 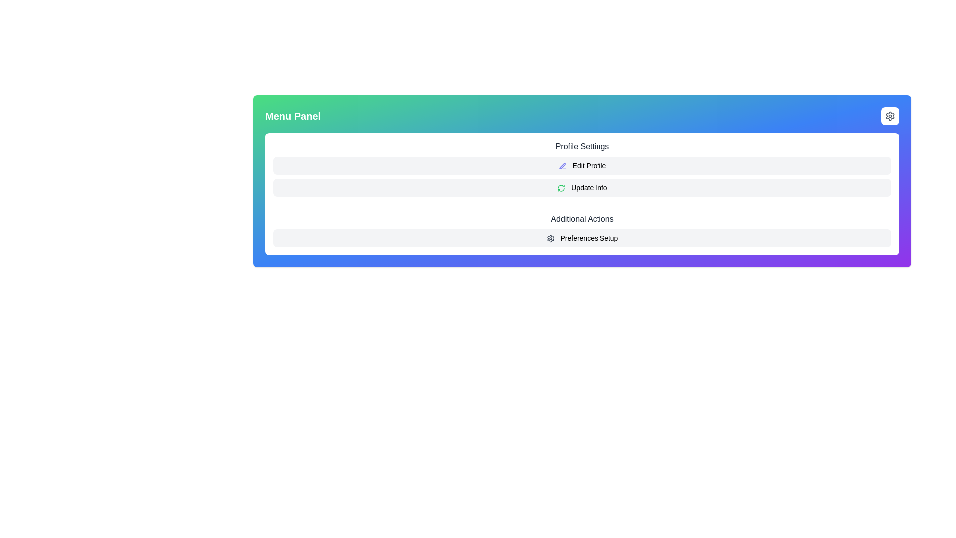 What do you see at coordinates (582, 238) in the screenshot?
I see `the button located in the 'Additional Actions' section, immediately below the title` at bounding box center [582, 238].